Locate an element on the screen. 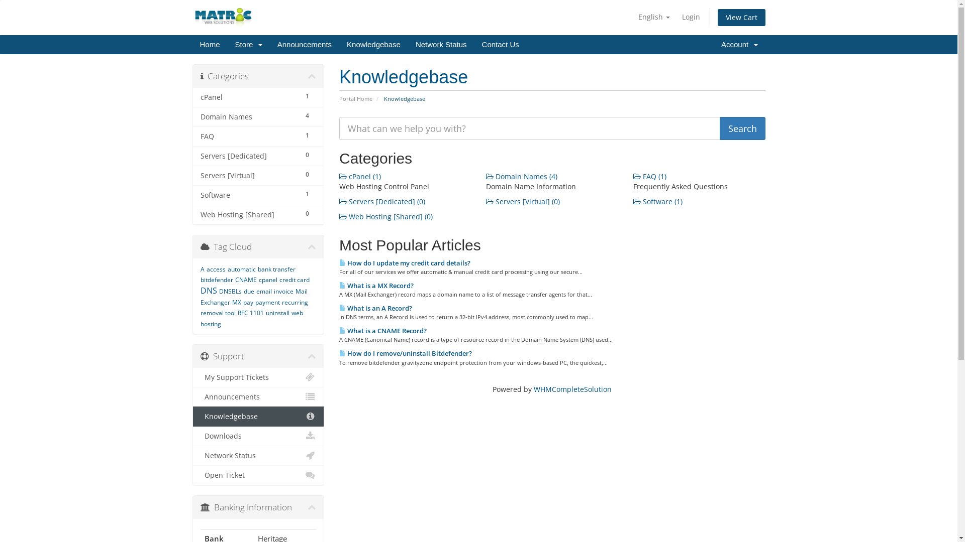 The image size is (965, 542). '1 is located at coordinates (193, 97).